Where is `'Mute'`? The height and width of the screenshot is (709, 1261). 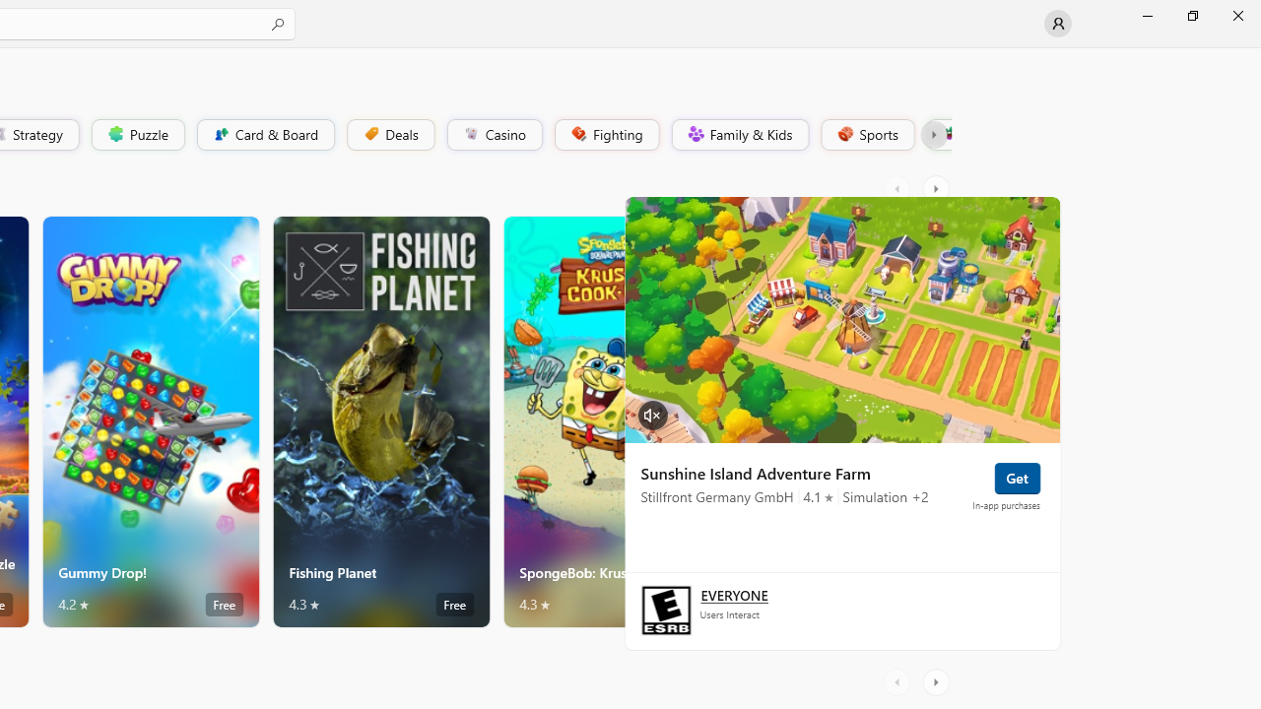
'Mute' is located at coordinates (652, 413).